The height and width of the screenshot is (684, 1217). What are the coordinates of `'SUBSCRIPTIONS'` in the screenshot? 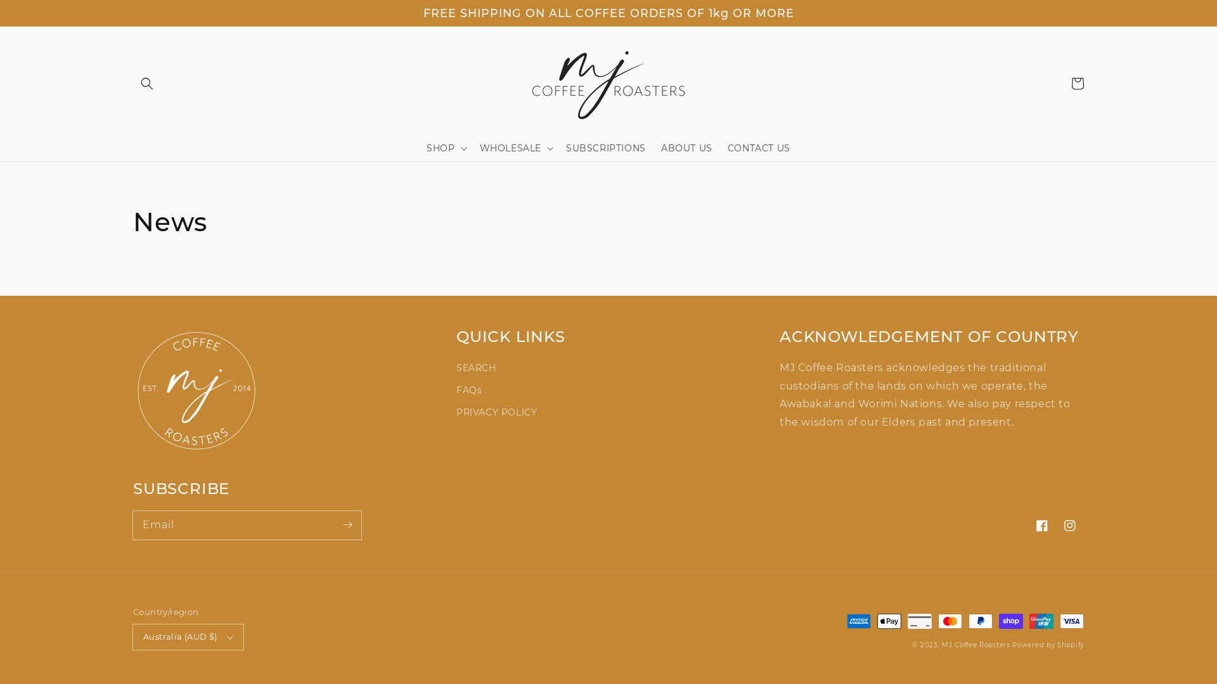 It's located at (558, 148).